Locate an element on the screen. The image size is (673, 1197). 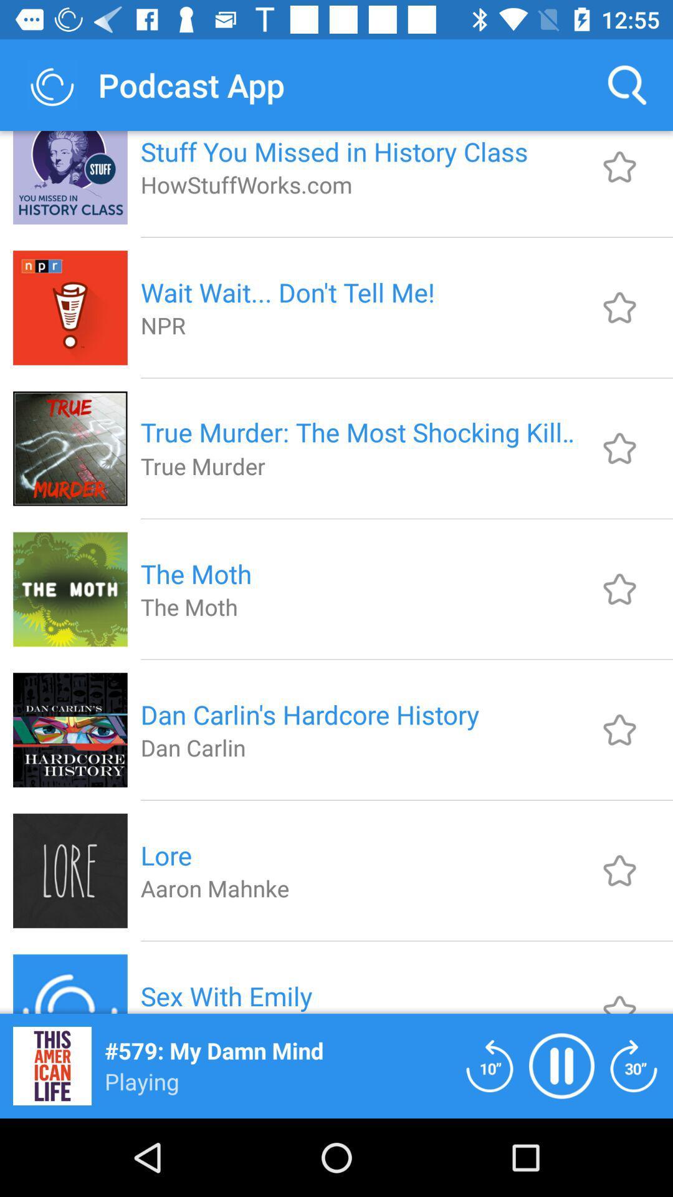
go back is located at coordinates (489, 1065).